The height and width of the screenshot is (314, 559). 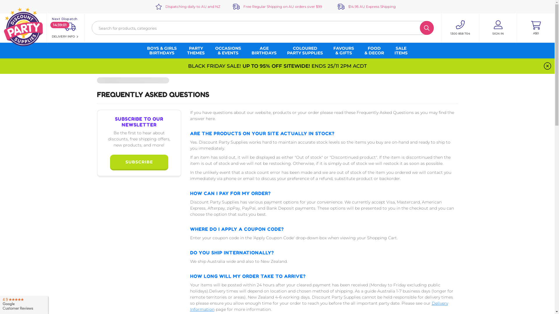 What do you see at coordinates (139, 162) in the screenshot?
I see `'SUBSCRIBE'` at bounding box center [139, 162].